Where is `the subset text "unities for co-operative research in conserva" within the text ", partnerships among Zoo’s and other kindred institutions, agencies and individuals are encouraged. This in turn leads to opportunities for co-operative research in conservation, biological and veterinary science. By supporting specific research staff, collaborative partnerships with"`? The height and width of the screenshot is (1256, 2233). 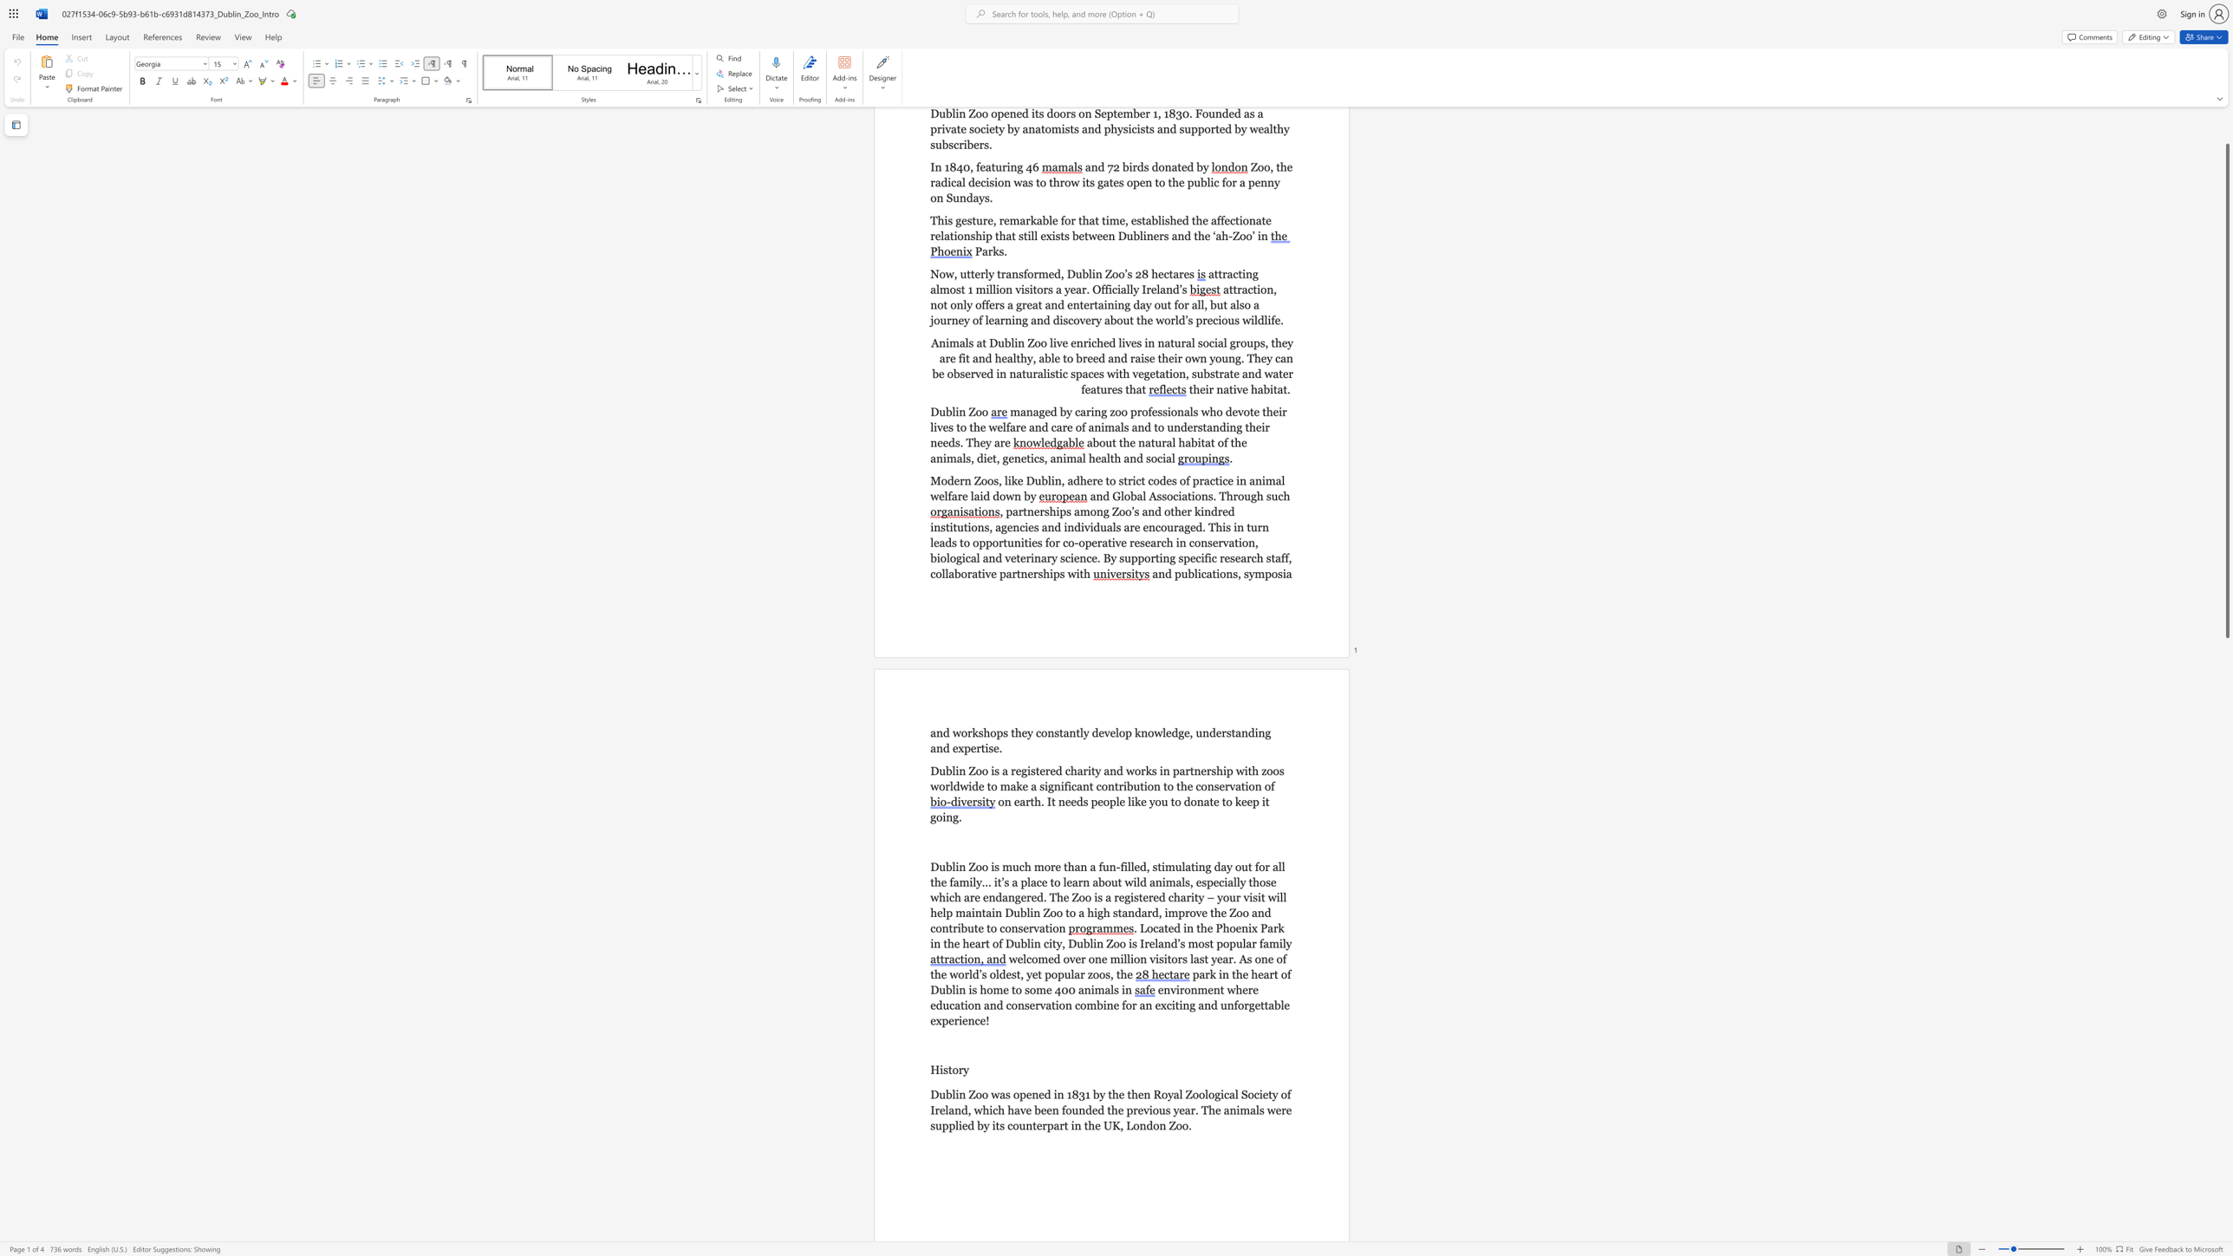 the subset text "unities for co-operative research in conserva" within the text ", partnerships among Zoo’s and other kindred institutions, agencies and individuals are encouraged. This in turn leads to opportunities for co-operative research in conservation, biological and veterinary science. By supporting specific research staff, collaborative partnerships with" is located at coordinates (1006, 542).